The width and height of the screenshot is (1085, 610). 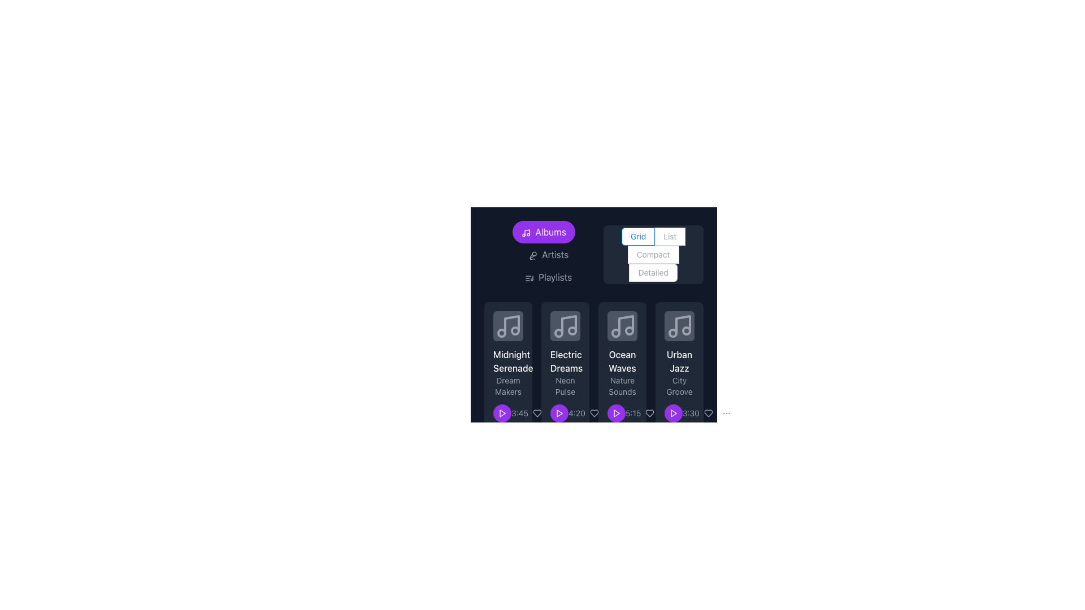 What do you see at coordinates (593, 413) in the screenshot?
I see `the interactive button icon that allows users to like or add the 'Electric Dreams' album to their favorites list` at bounding box center [593, 413].